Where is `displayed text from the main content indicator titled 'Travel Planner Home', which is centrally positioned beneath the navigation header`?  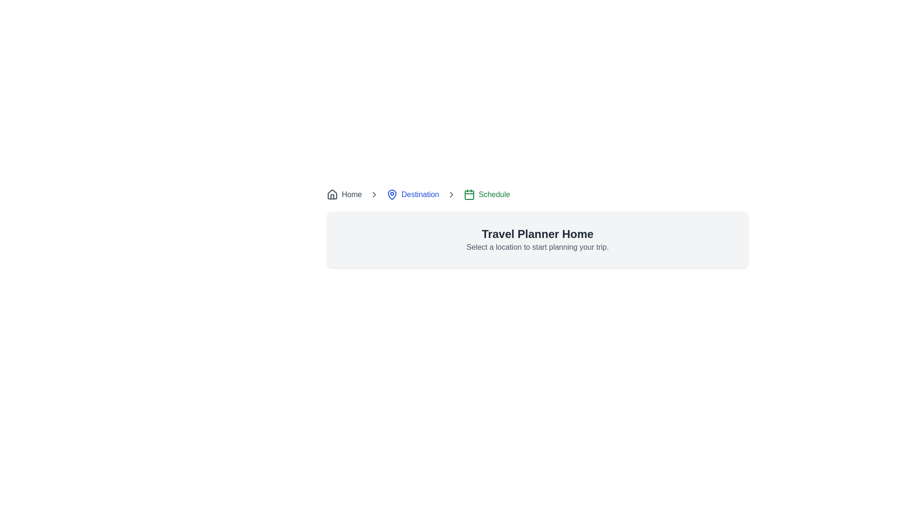 displayed text from the main content indicator titled 'Travel Planner Home', which is centrally positioned beneath the navigation header is located at coordinates (538, 229).